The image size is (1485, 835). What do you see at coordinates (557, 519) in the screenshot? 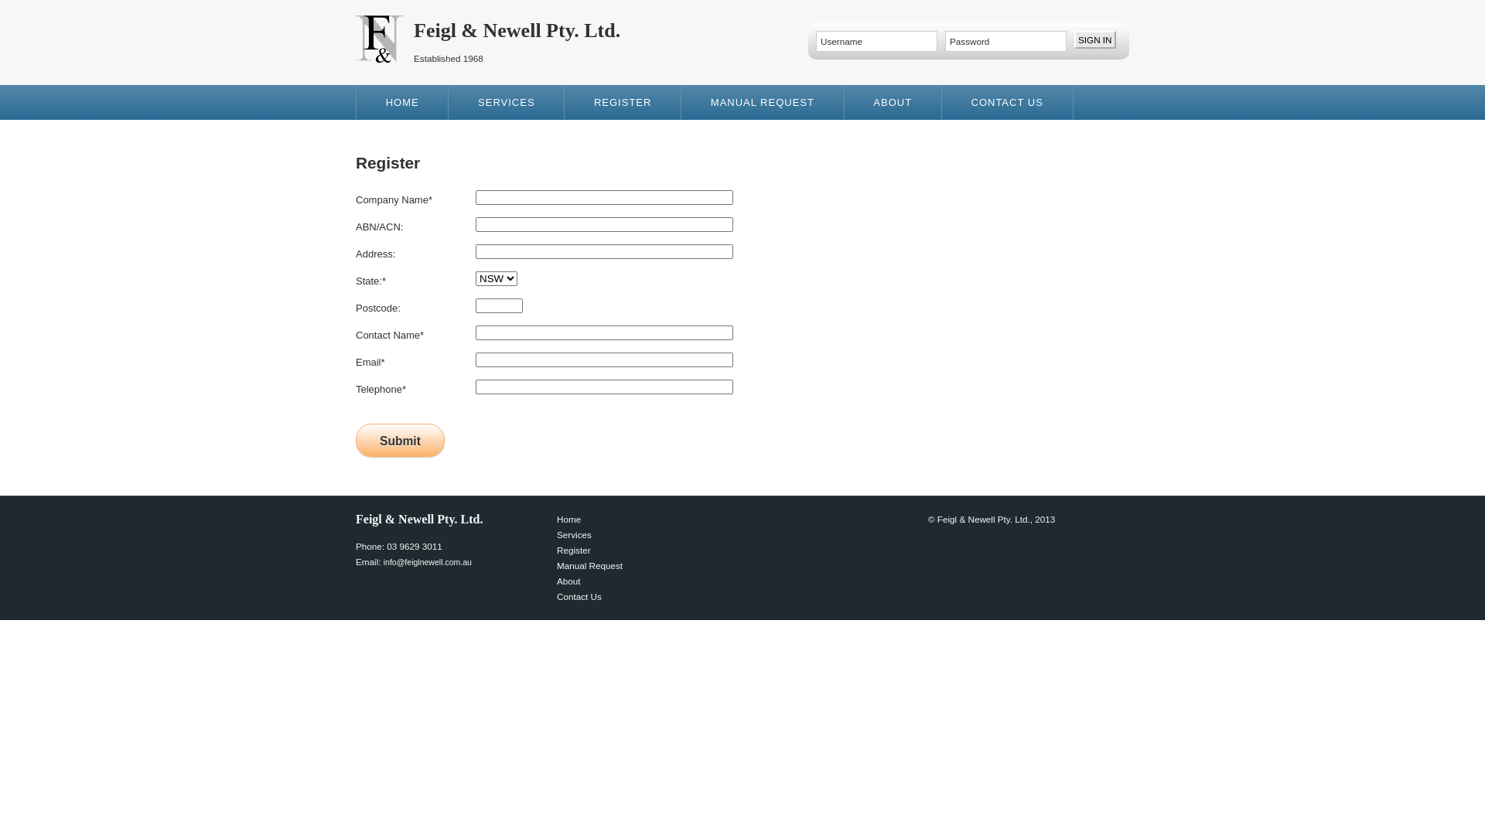
I see `'Home'` at bounding box center [557, 519].